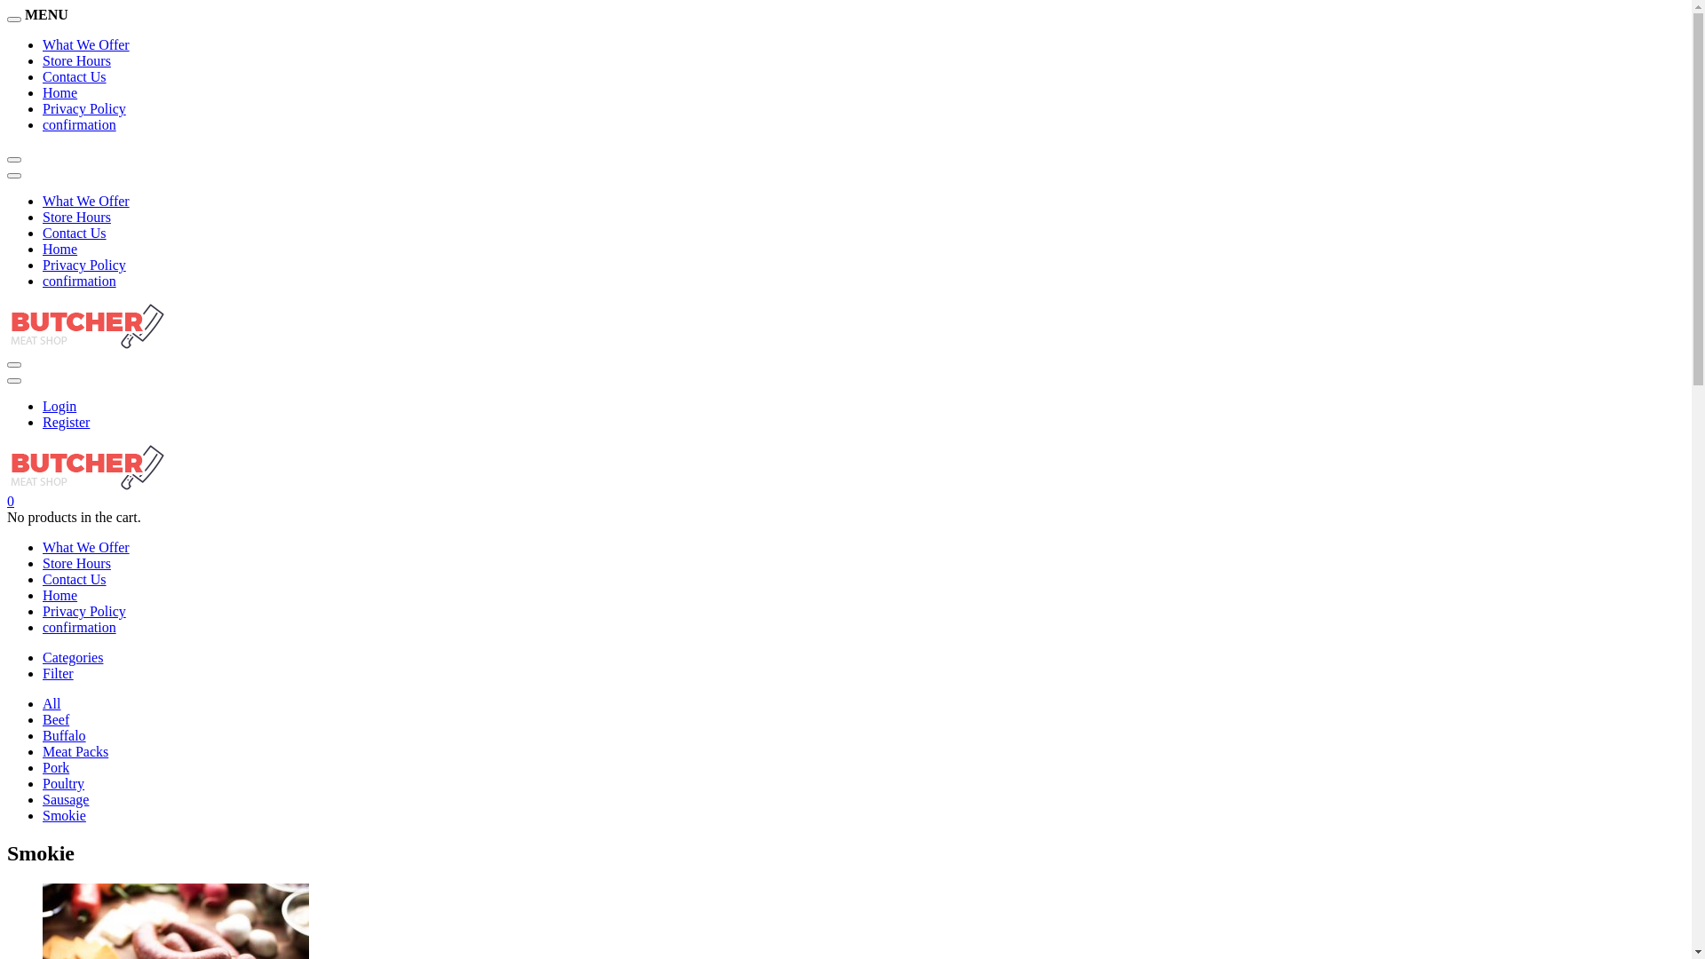  I want to click on 'Buffalo', so click(64, 735).